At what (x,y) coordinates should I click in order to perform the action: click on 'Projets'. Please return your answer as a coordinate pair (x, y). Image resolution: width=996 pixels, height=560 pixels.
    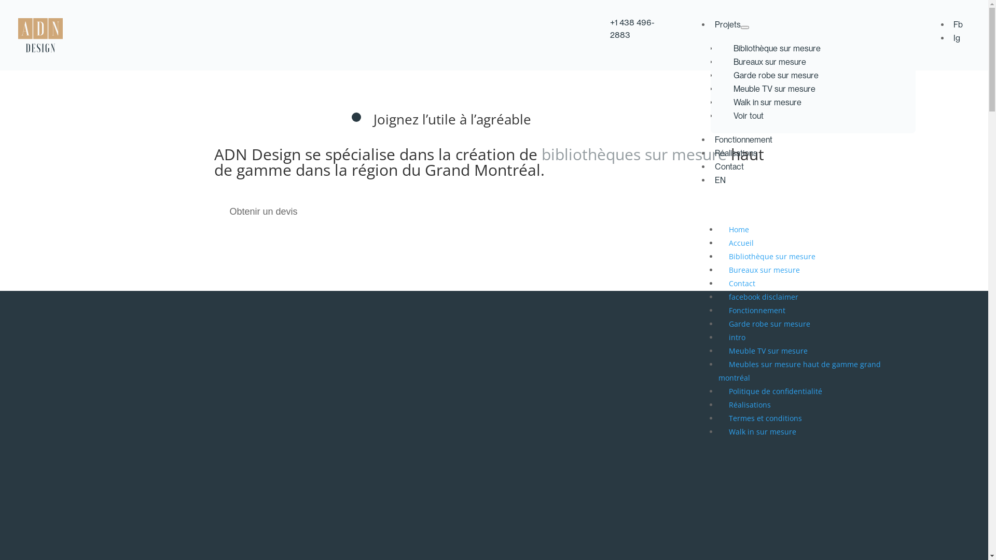
    Looking at the image, I should click on (731, 26).